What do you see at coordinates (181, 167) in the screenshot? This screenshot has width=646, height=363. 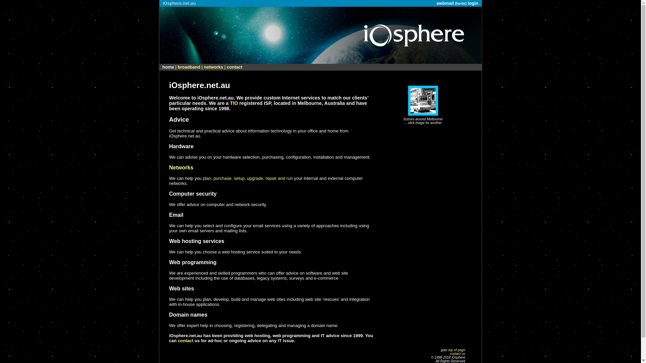 I see `'Networks'` at bounding box center [181, 167].